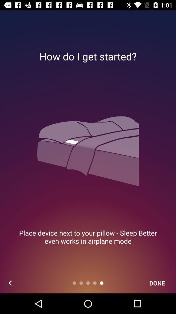 This screenshot has height=314, width=176. I want to click on the icon at the bottom left corner, so click(10, 283).